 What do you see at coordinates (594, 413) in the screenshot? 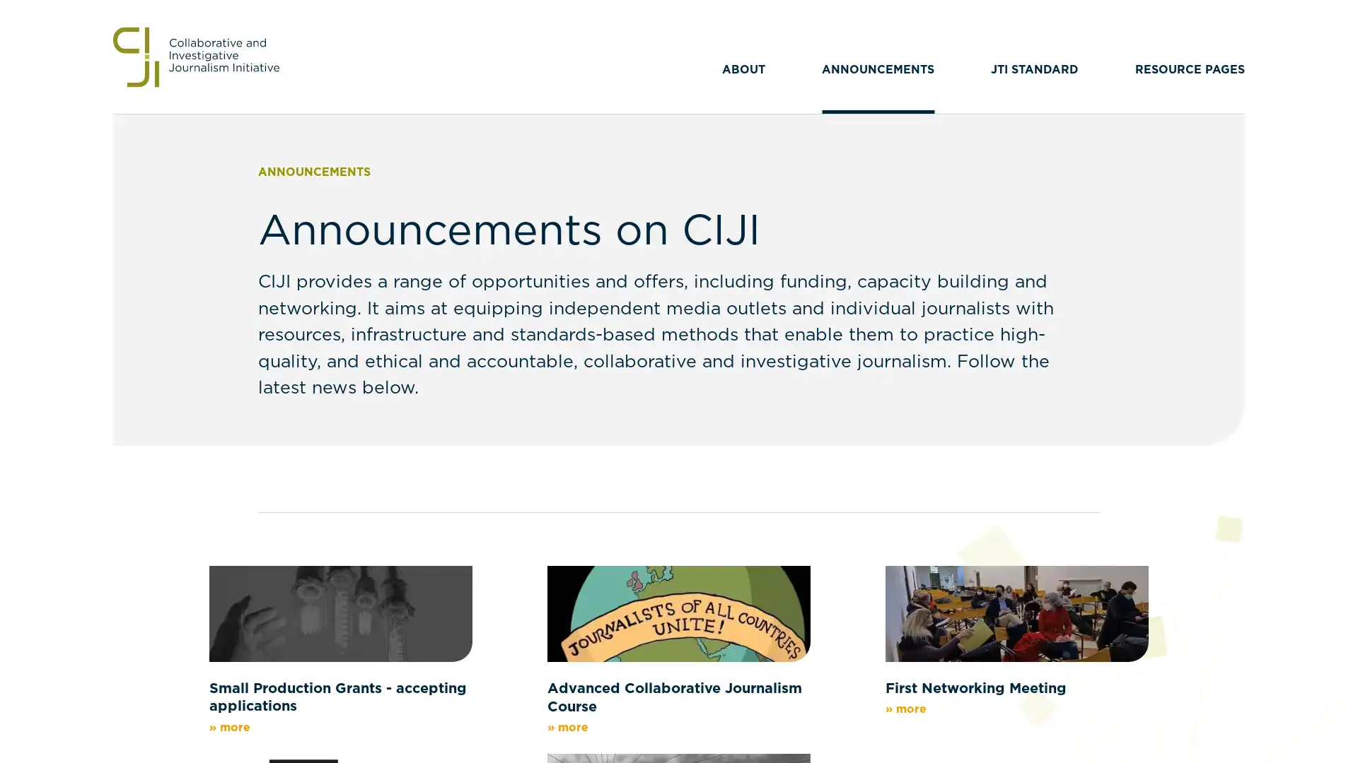
I see `more` at bounding box center [594, 413].